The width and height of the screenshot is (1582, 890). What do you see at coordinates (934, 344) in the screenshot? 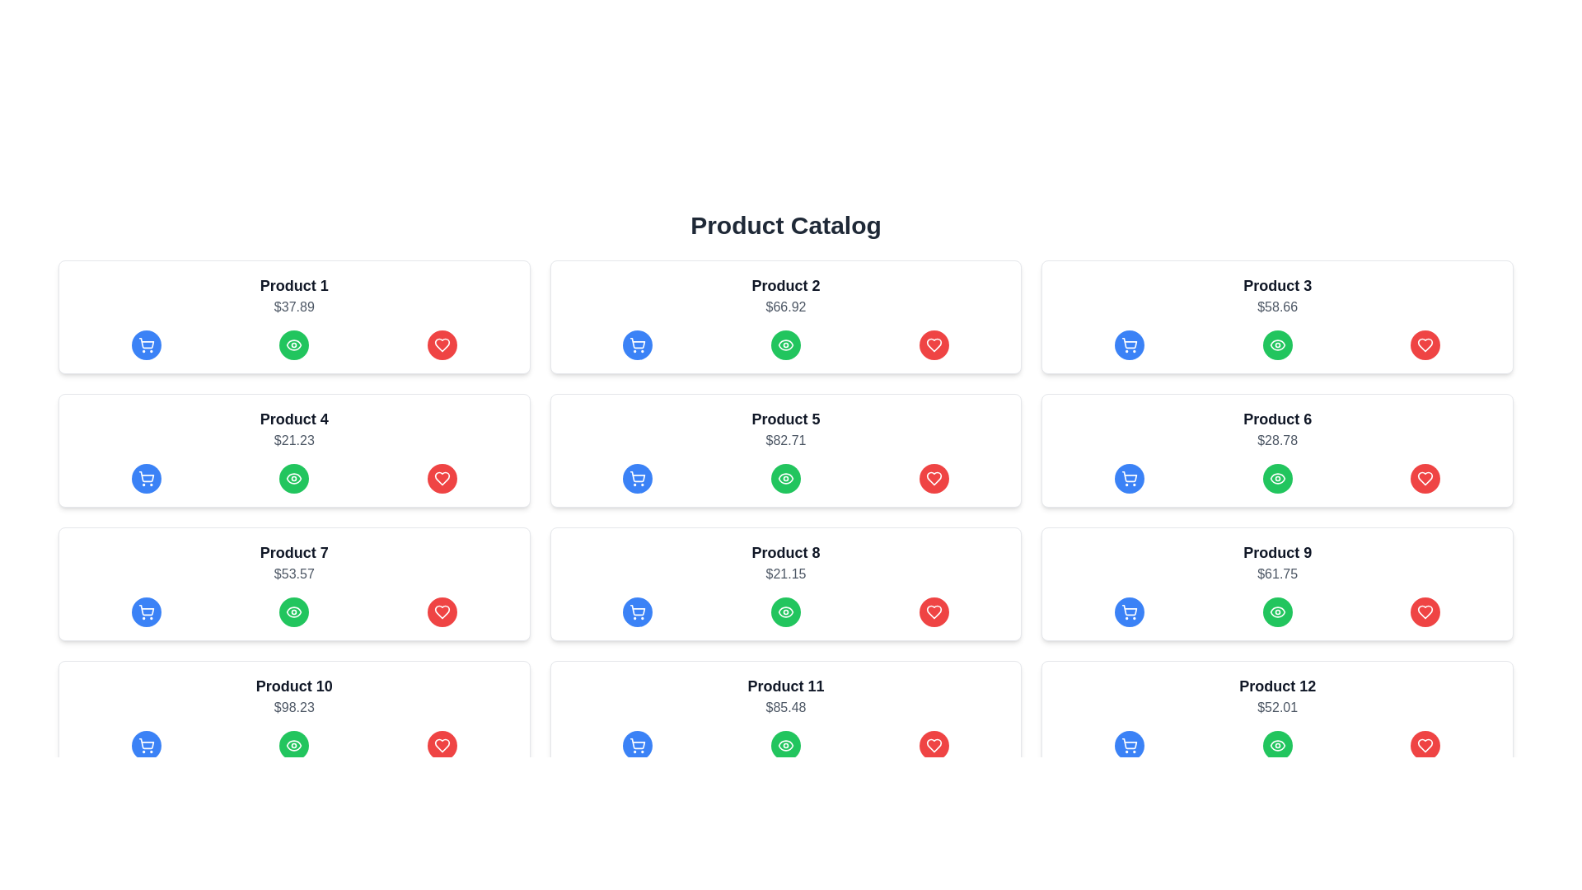
I see `the red heart icon within the second product card in the first row of the product catalog` at bounding box center [934, 344].